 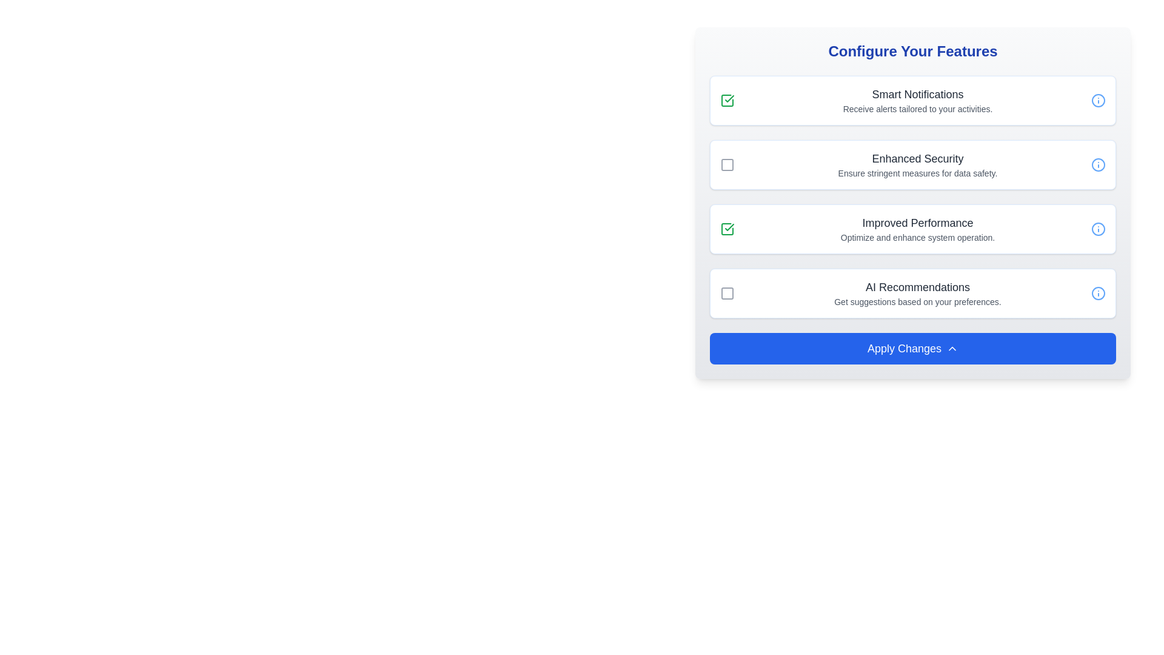 I want to click on the unselected inner rectangle of the checkbox for the 'Enhanced Security' feature, which is visually a small light gray rounded rectangle positioned in the second row of checkboxes, so click(x=727, y=165).